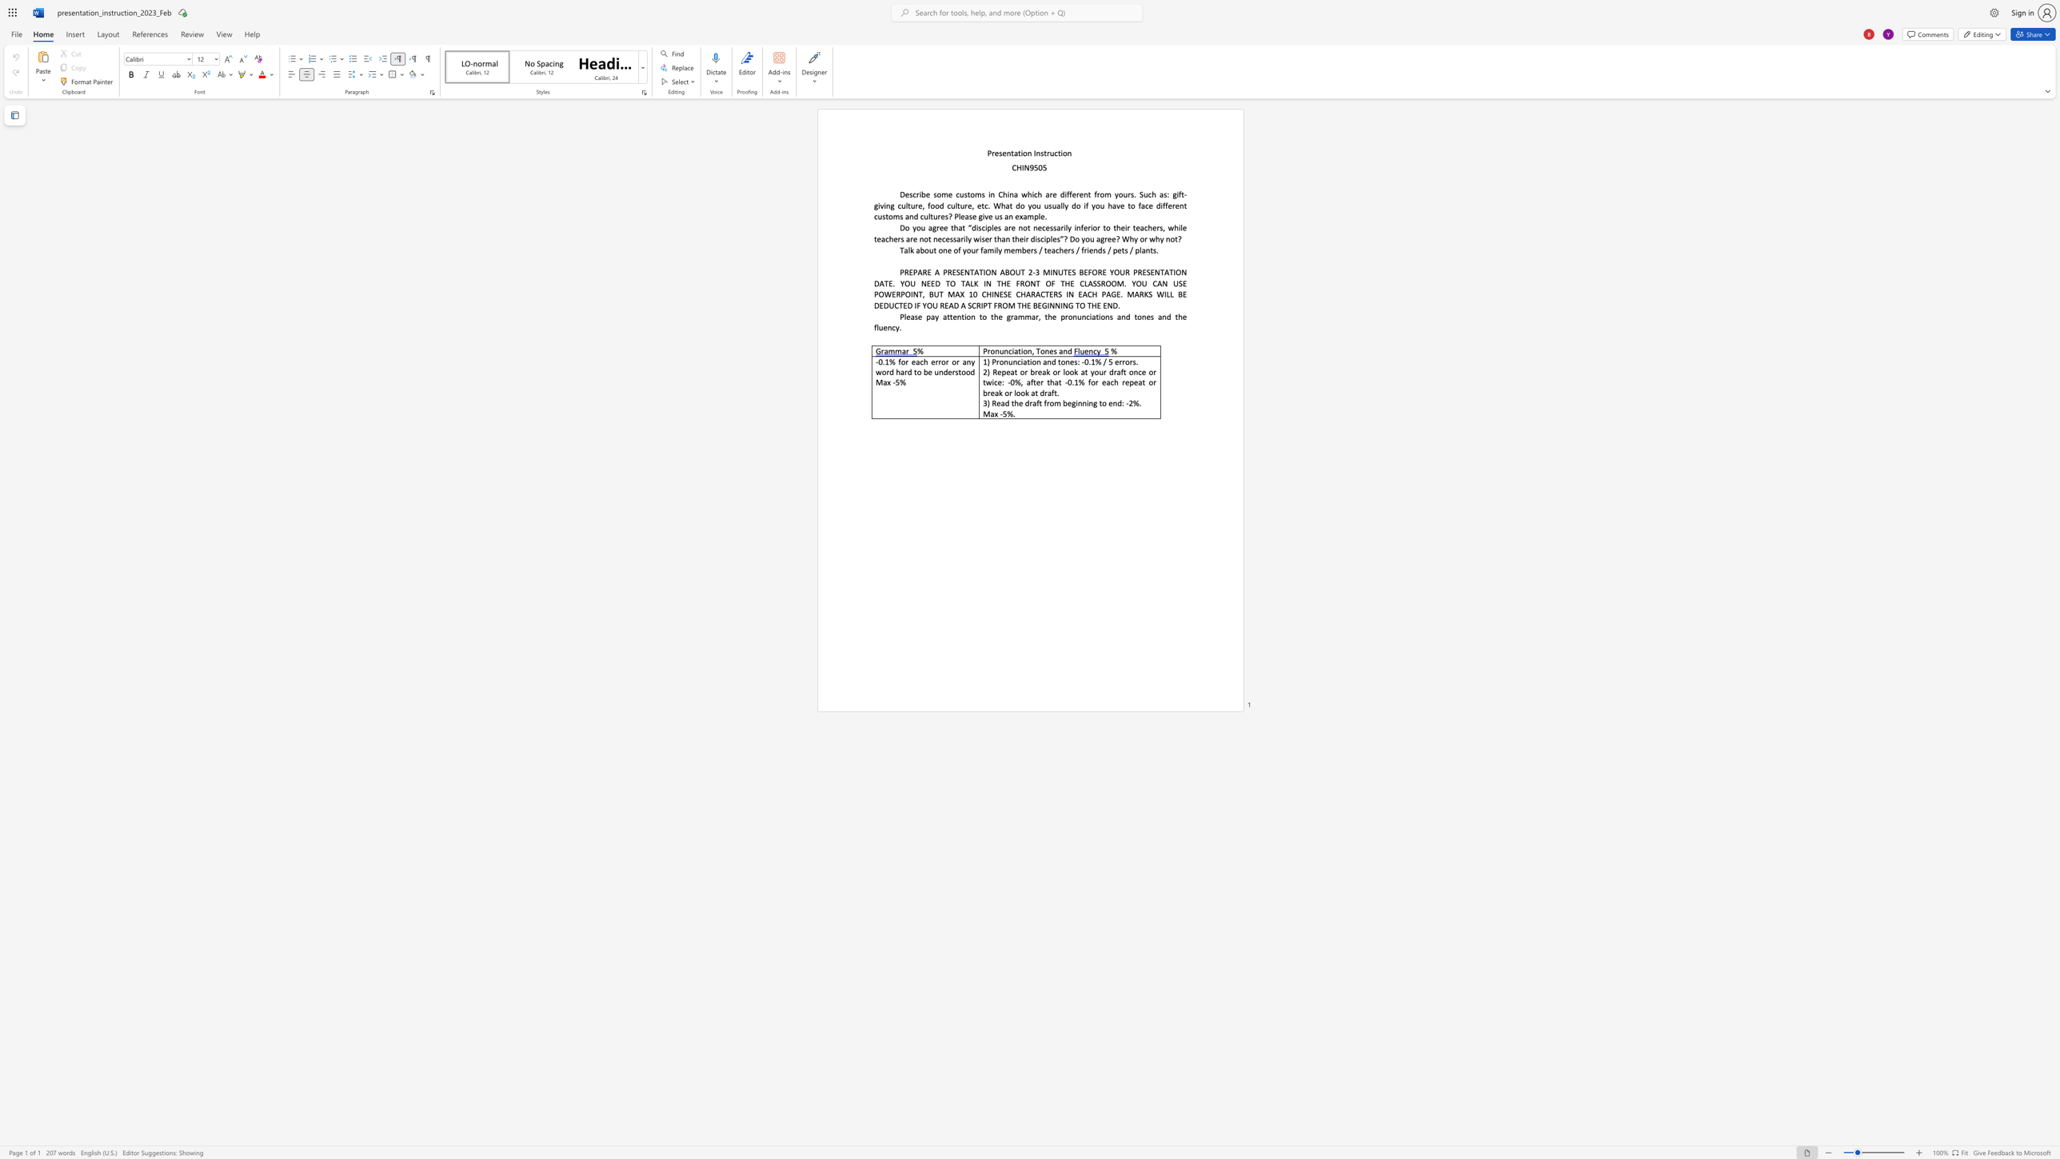  I want to click on the subset text "m beginning to end: -2" within the text "3) Read the draft from beginning to end: -2%.", so click(1054, 402).